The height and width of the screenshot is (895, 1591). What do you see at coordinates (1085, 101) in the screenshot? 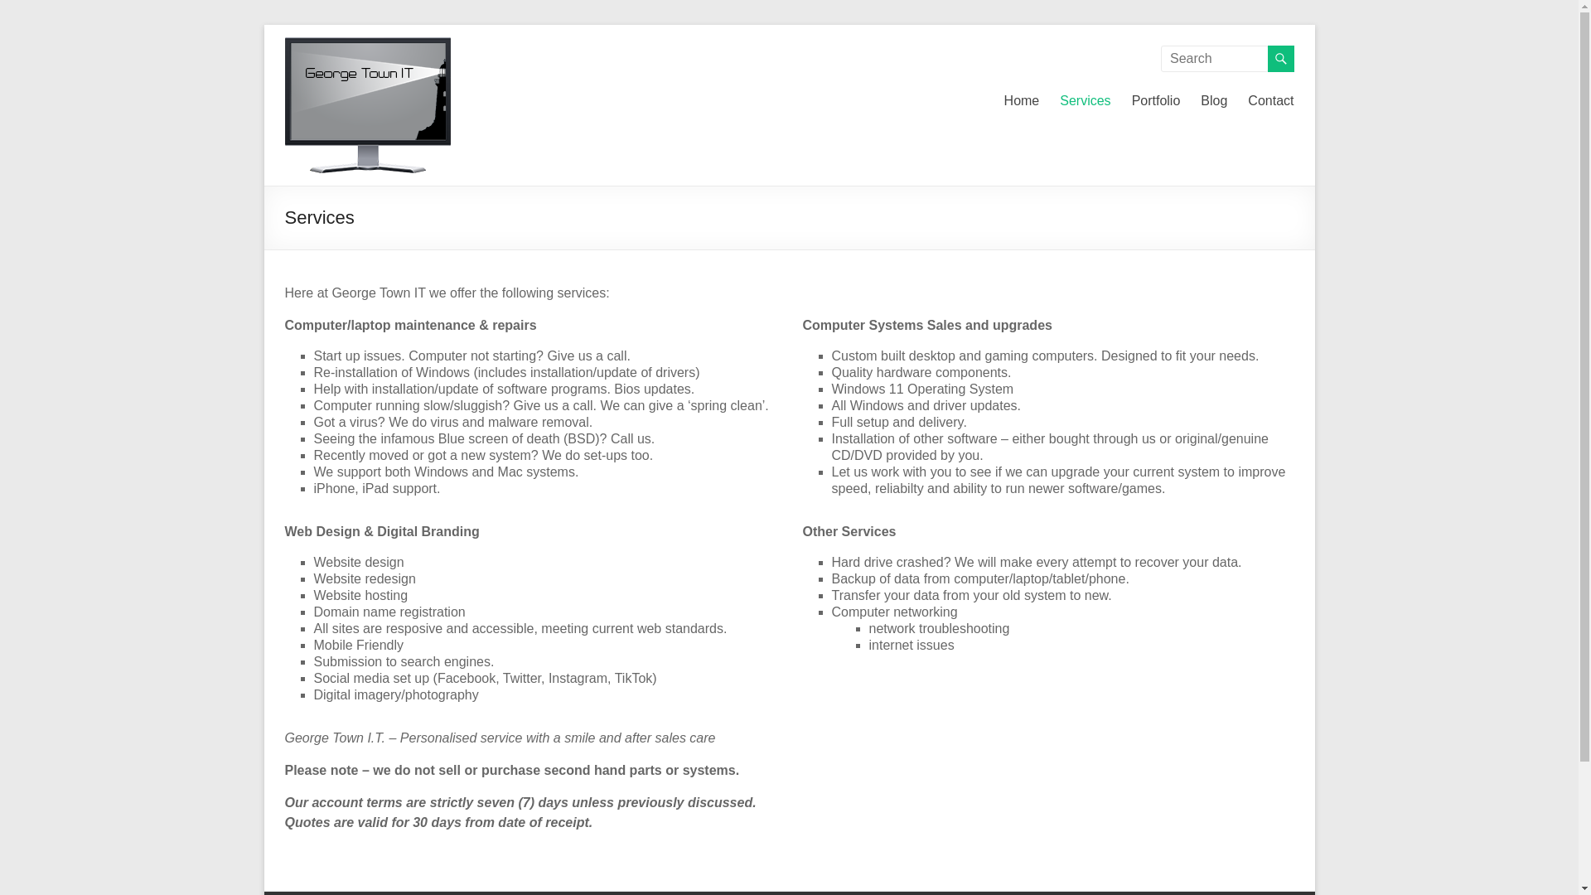
I see `'Services'` at bounding box center [1085, 101].